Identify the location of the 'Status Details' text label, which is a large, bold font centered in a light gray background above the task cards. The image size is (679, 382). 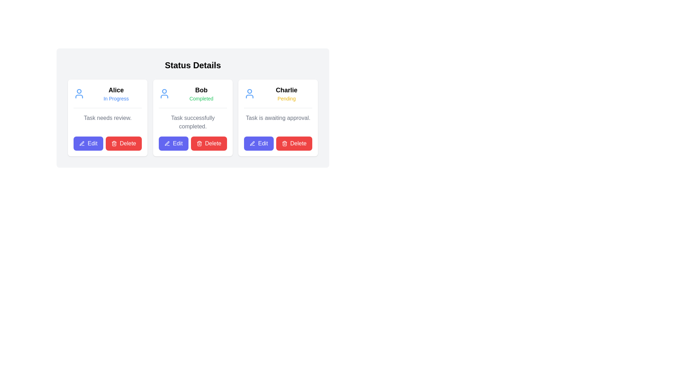
(193, 65).